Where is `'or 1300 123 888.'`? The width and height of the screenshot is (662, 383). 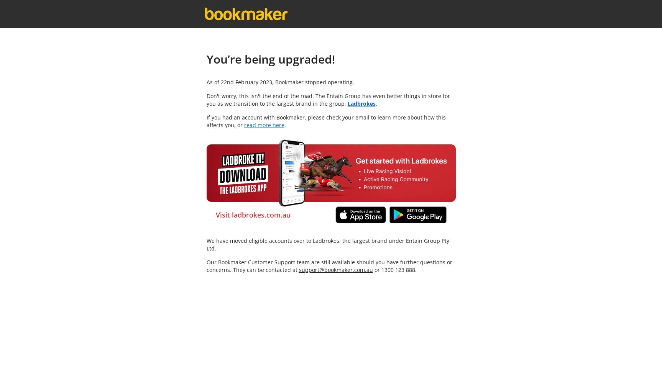
'or 1300 123 888.' is located at coordinates (394, 269).